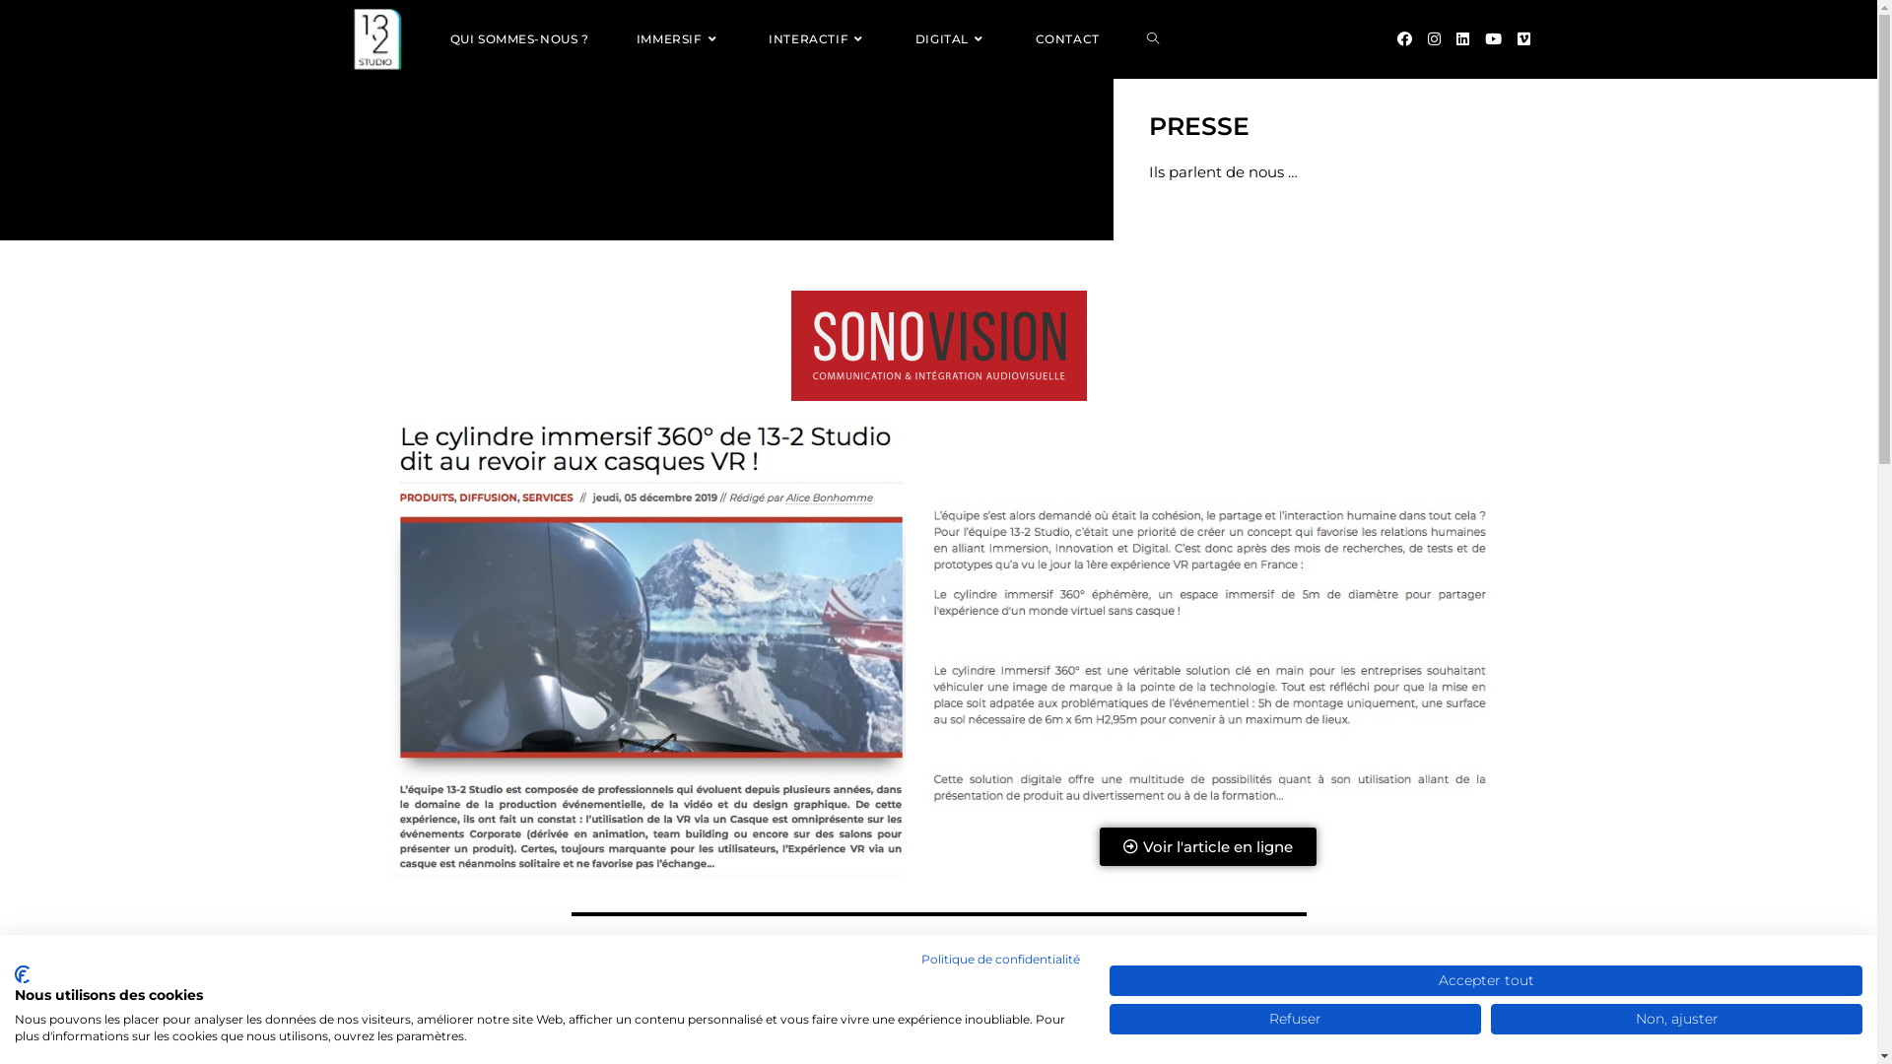 This screenshot has width=1892, height=1064. What do you see at coordinates (951, 38) in the screenshot?
I see `'DIGITAL'` at bounding box center [951, 38].